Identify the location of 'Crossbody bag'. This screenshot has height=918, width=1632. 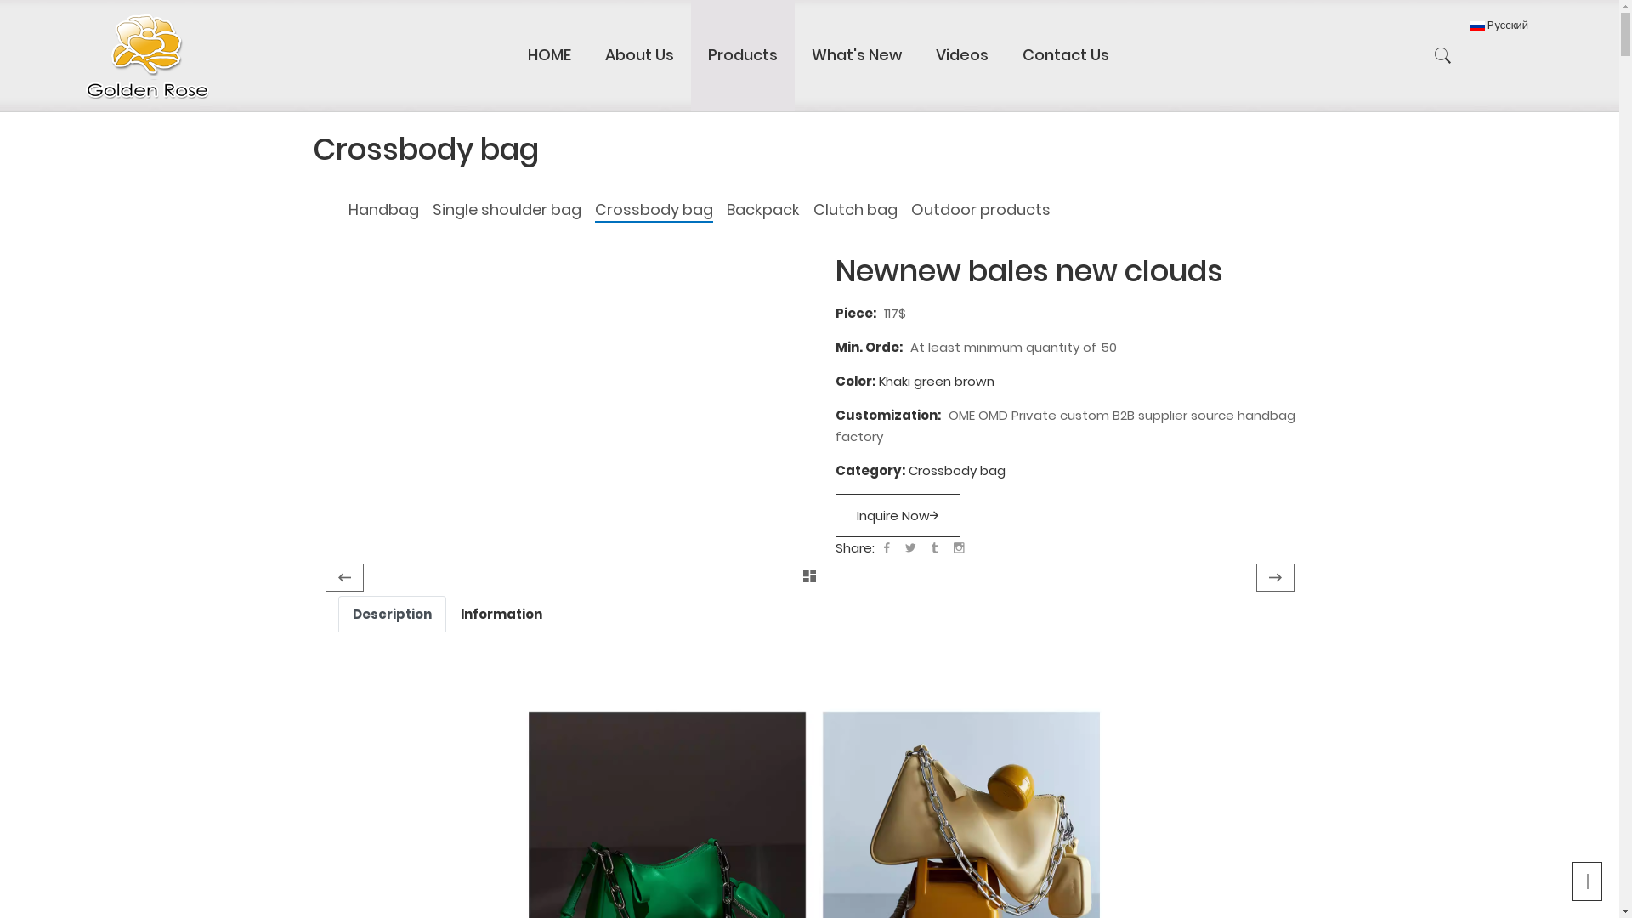
(653, 208).